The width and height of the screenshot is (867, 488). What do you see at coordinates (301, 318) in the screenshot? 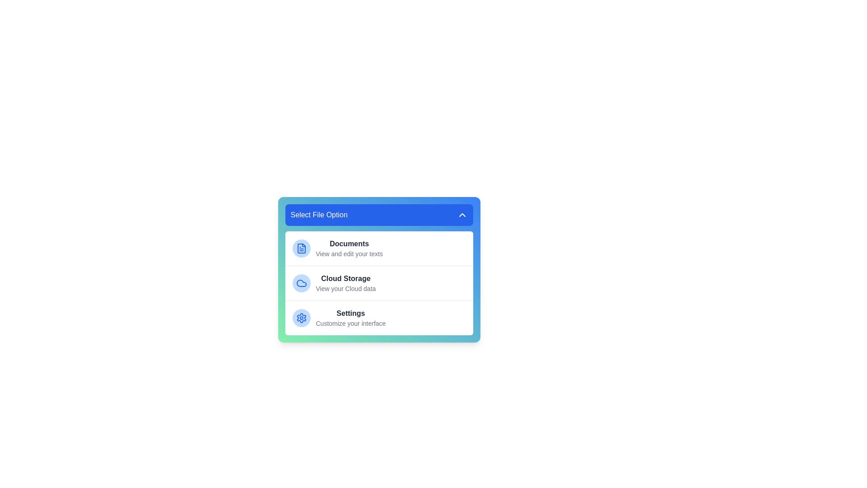
I see `the circular gear icon with a blue gradient background` at bounding box center [301, 318].